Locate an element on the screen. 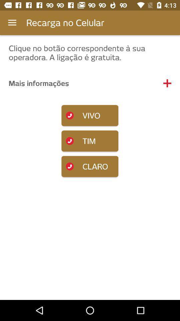 Image resolution: width=180 pixels, height=321 pixels. item below vivo item is located at coordinates (90, 141).